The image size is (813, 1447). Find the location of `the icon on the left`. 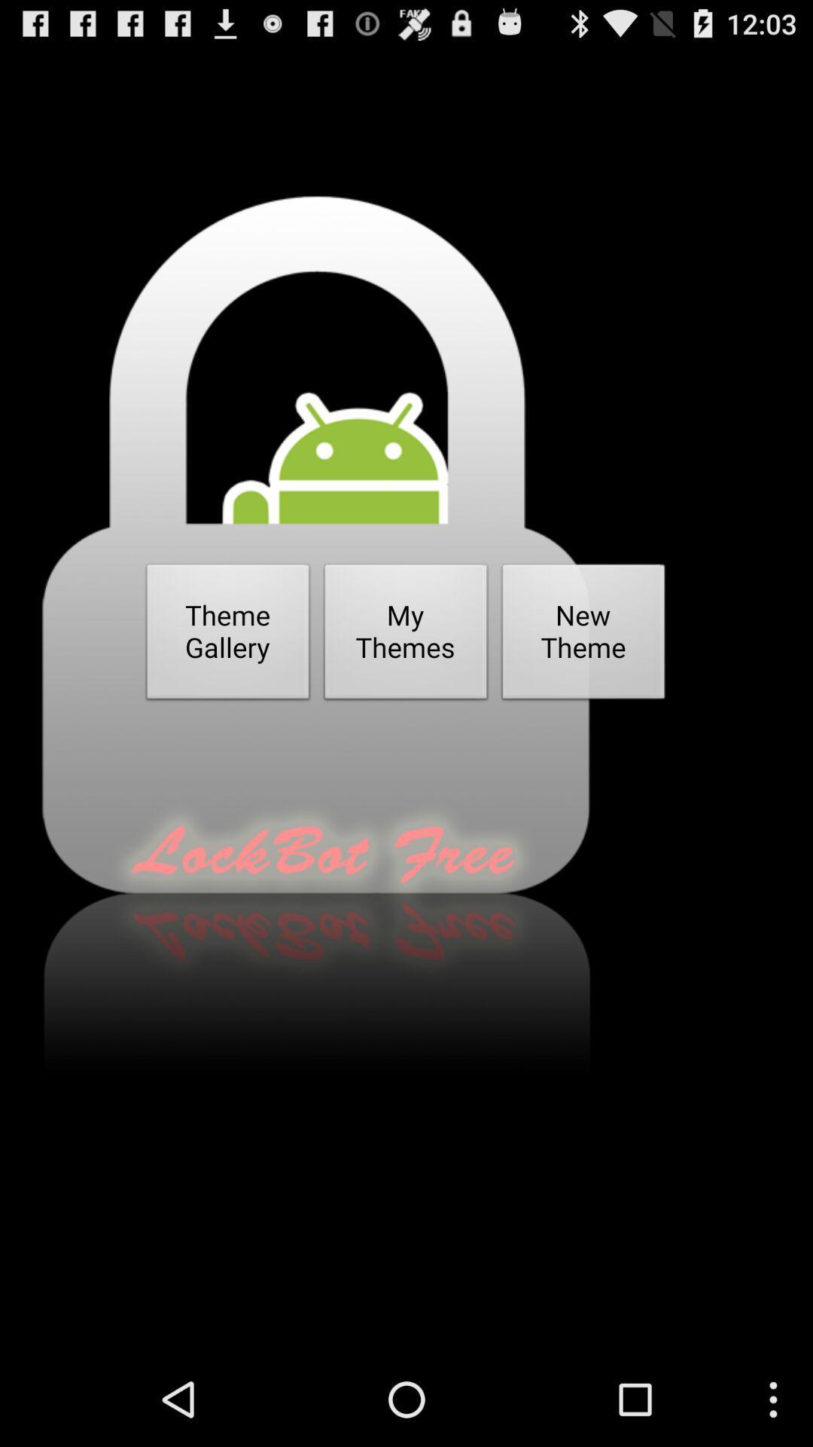

the icon on the left is located at coordinates (228, 636).